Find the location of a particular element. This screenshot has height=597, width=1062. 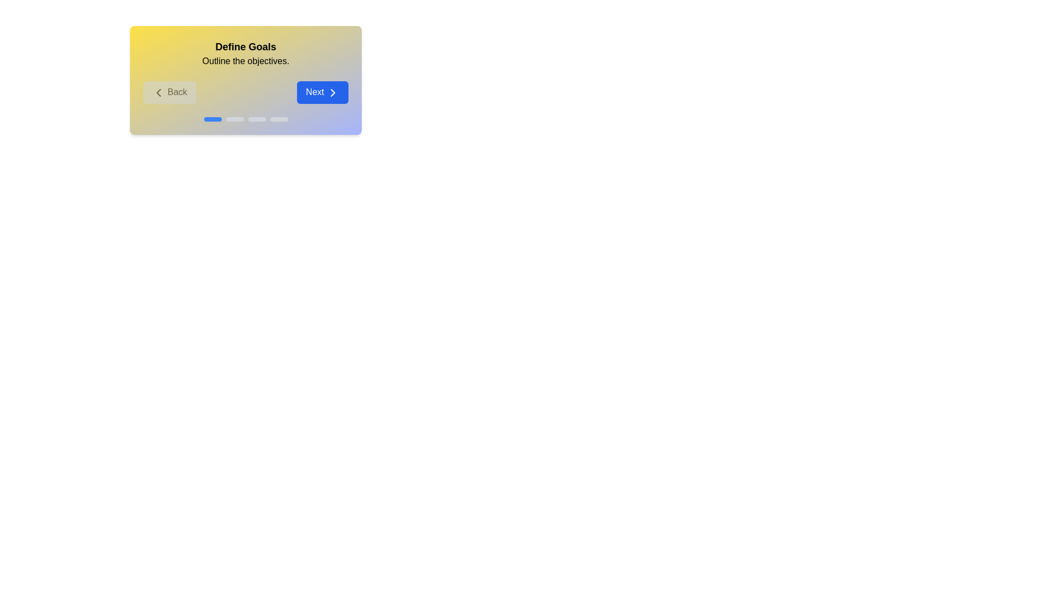

the Next button to navigate between stages is located at coordinates (322, 92).